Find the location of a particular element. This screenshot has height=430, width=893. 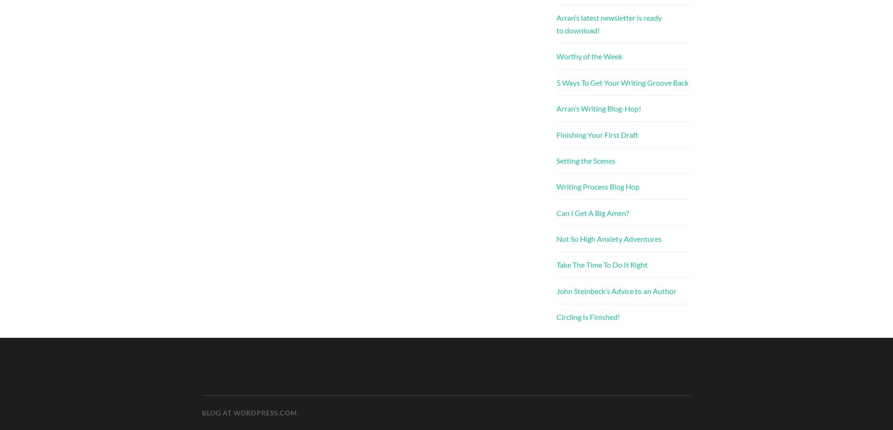

'5 Ways To Get Your Writing Groove Back' is located at coordinates (622, 81).